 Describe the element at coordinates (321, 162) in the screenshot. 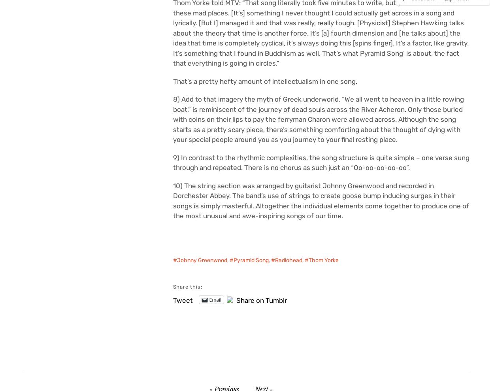

I see `'9) In contrast to the rhythmic complexities, the song structure is quite simple – one verse sung through and repeated. There is no chorus as such just an “Oo-oo-oo-oo-oo”.'` at that location.